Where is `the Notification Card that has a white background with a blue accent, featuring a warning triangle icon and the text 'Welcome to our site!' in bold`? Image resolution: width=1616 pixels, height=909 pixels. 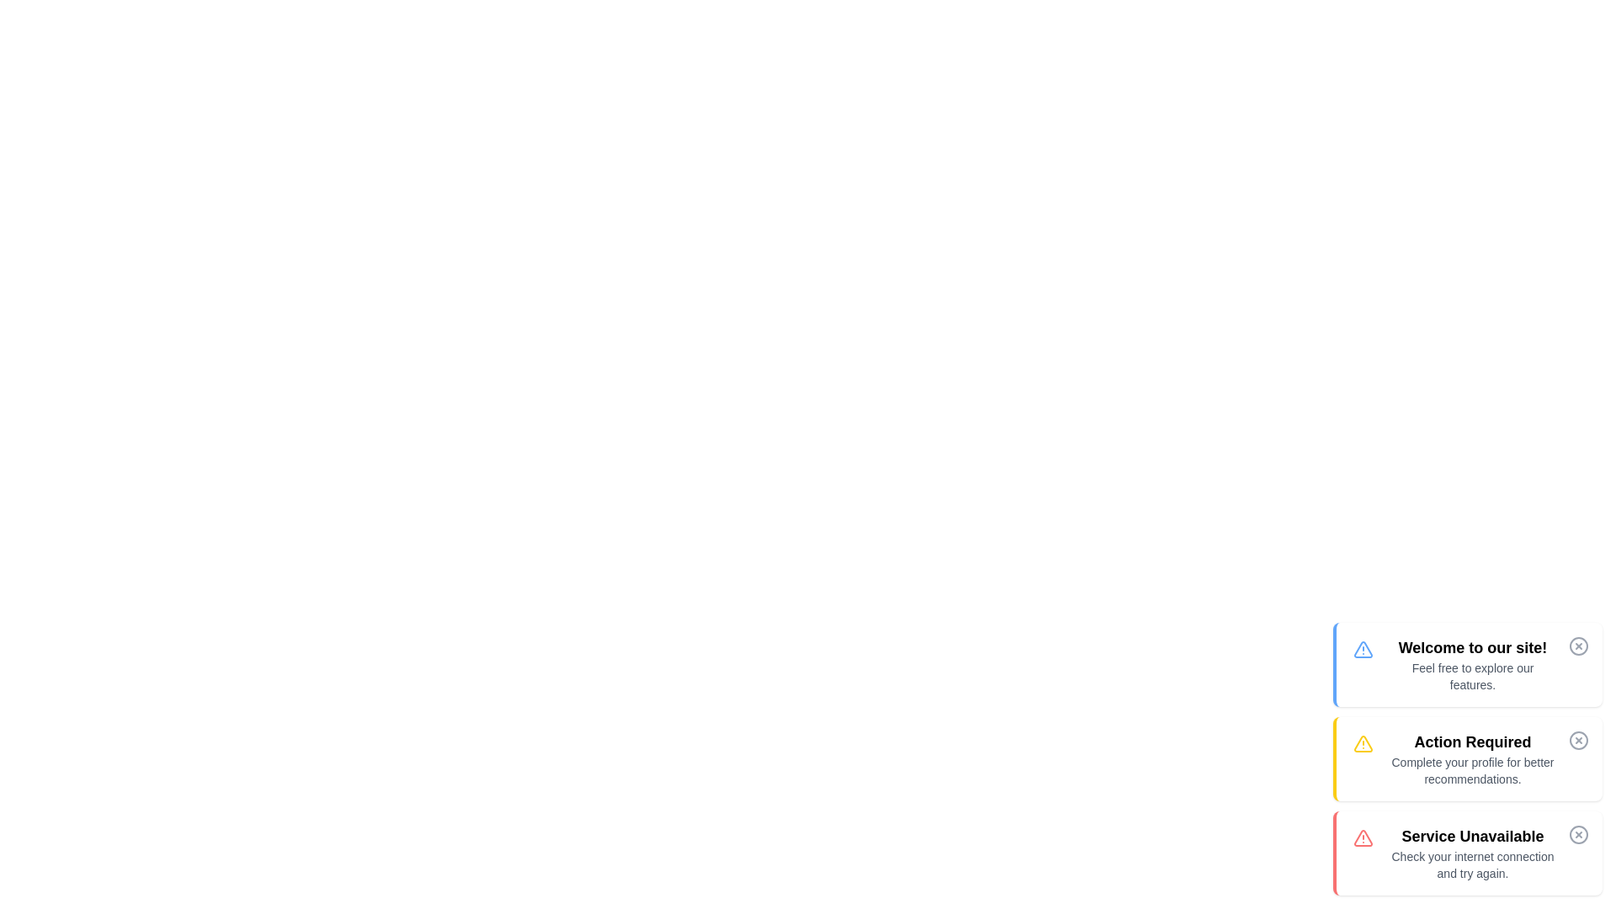
the Notification Card that has a white background with a blue accent, featuring a warning triangle icon and the text 'Welcome to our site!' in bold is located at coordinates (1466, 664).